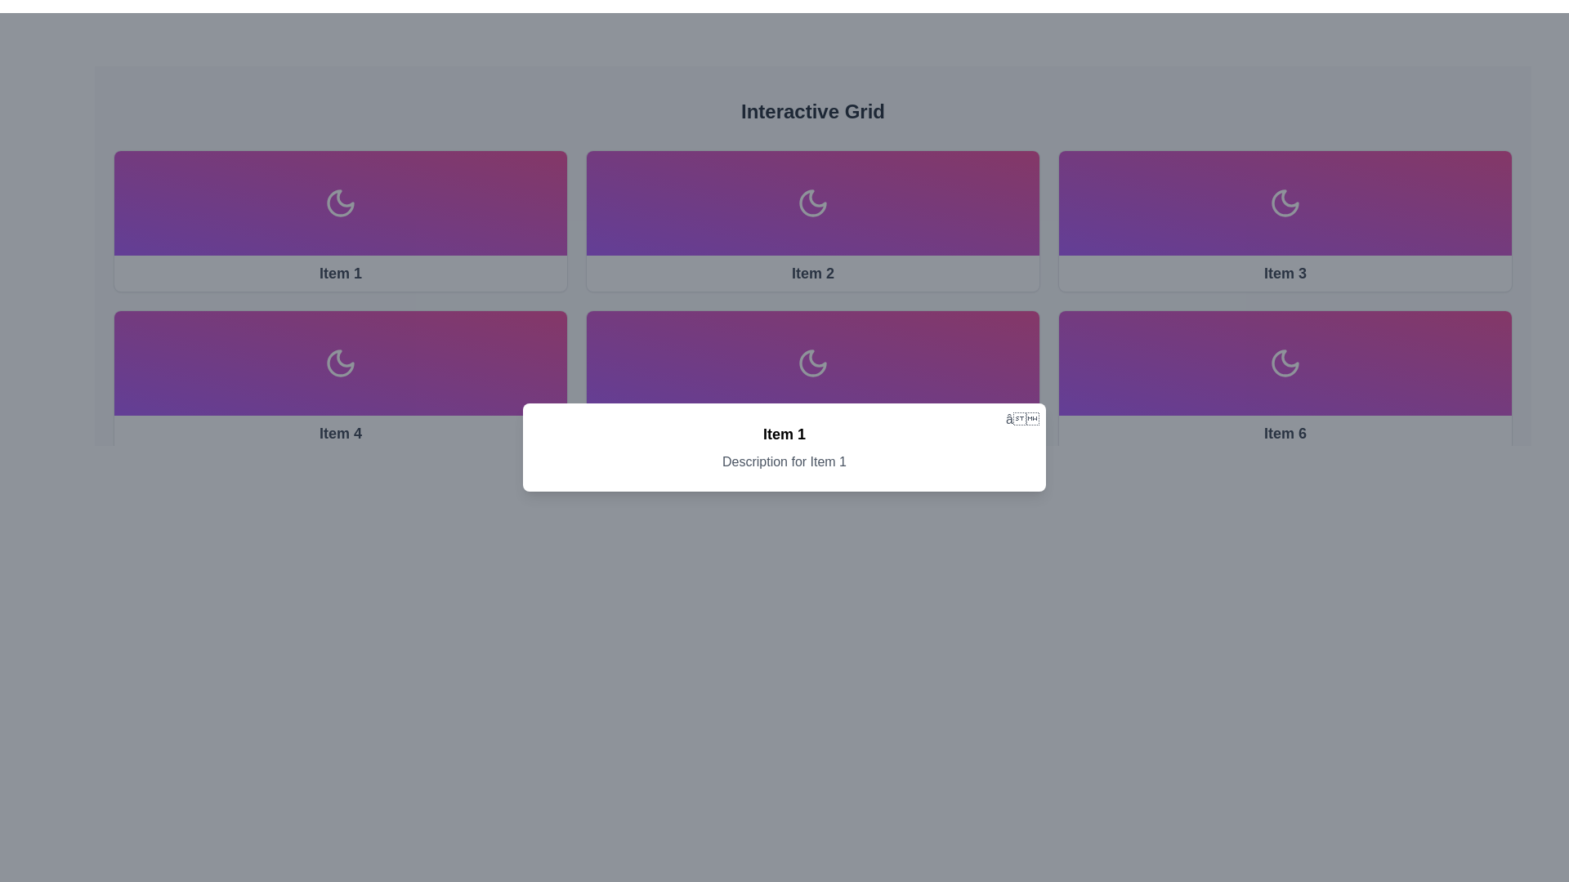 The width and height of the screenshot is (1569, 882). Describe the element at coordinates (812, 381) in the screenshot. I see `the Clickable card representing 'Item 5' located in the second row, second column of the grid` at that location.